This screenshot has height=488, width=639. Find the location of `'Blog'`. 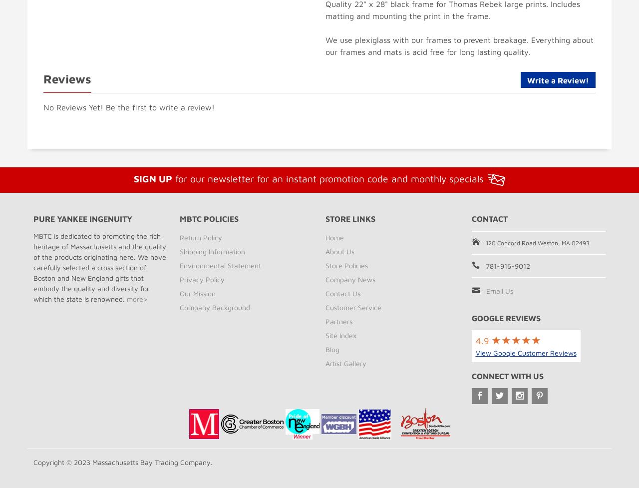

'Blog' is located at coordinates (332, 349).